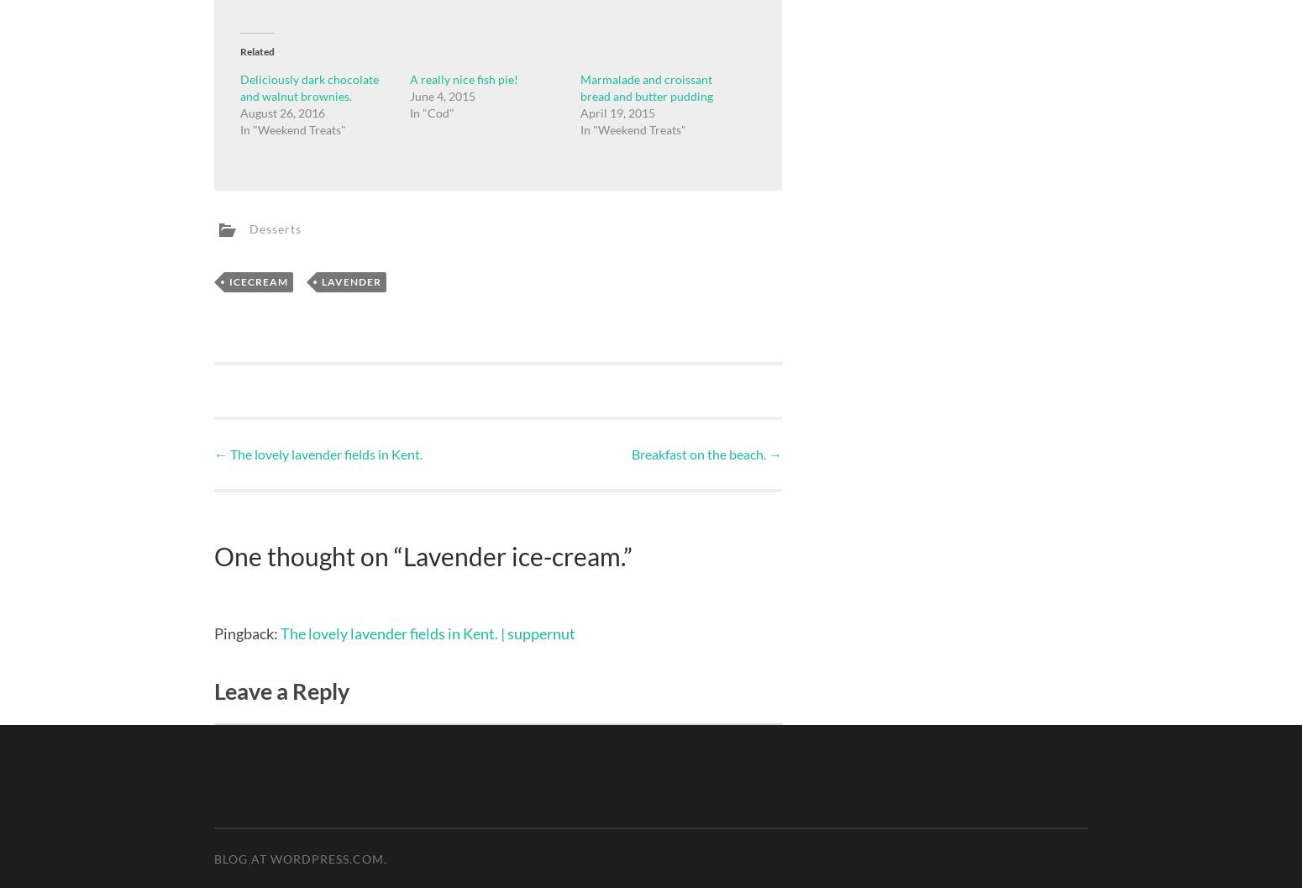 The height and width of the screenshot is (888, 1302). I want to click on 'One thought on “', so click(307, 555).